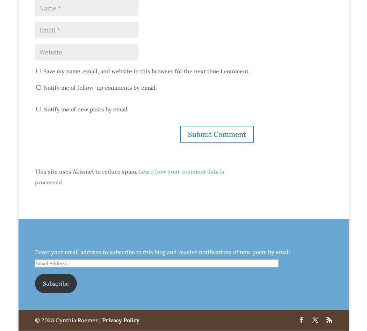  I want to click on 'This site uses Akismet to reduce spam.', so click(86, 171).